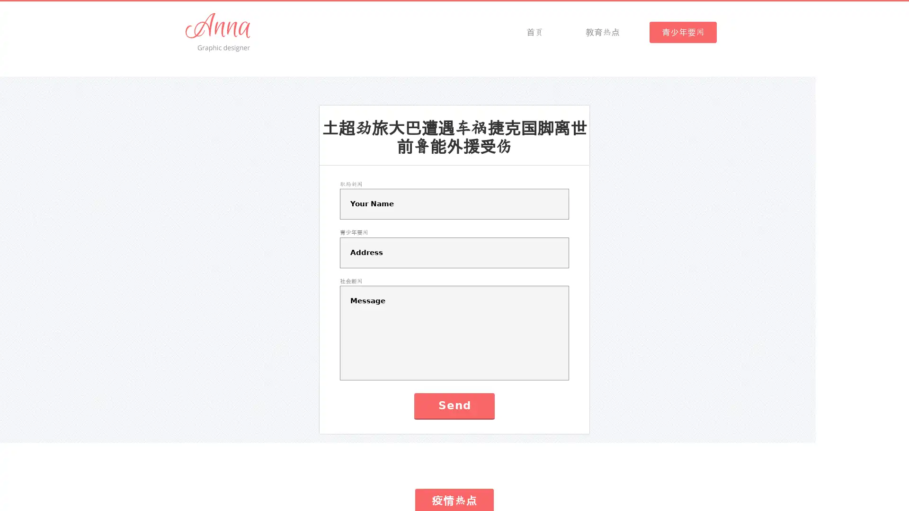  I want to click on Send, so click(454, 405).